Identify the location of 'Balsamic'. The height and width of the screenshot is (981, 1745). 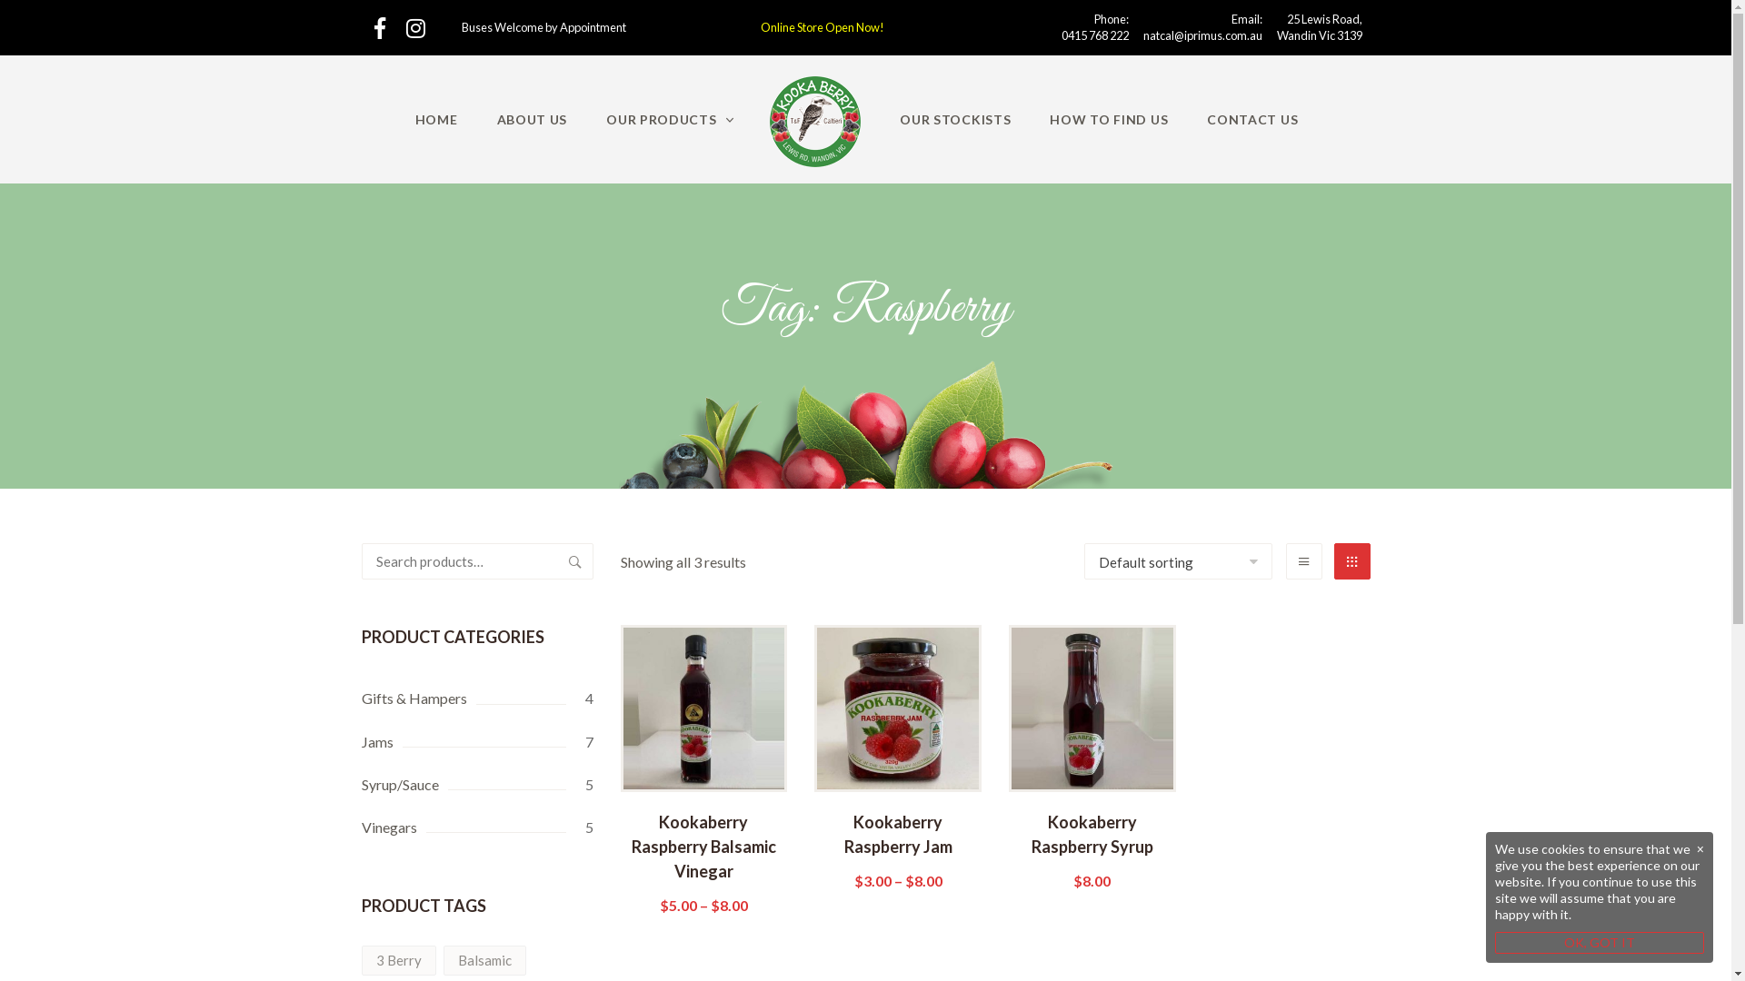
(484, 959).